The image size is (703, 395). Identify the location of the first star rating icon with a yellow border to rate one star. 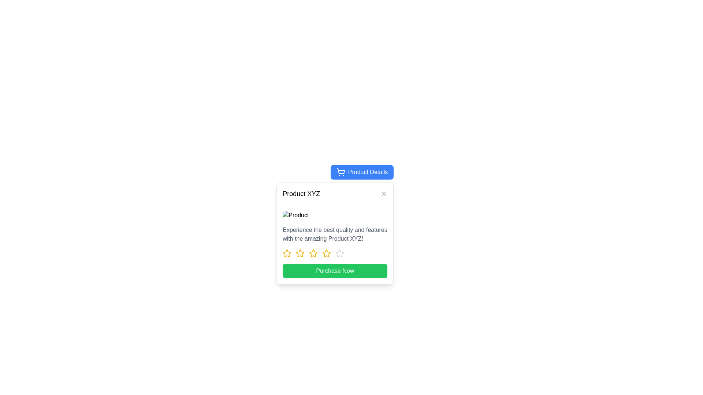
(287, 253).